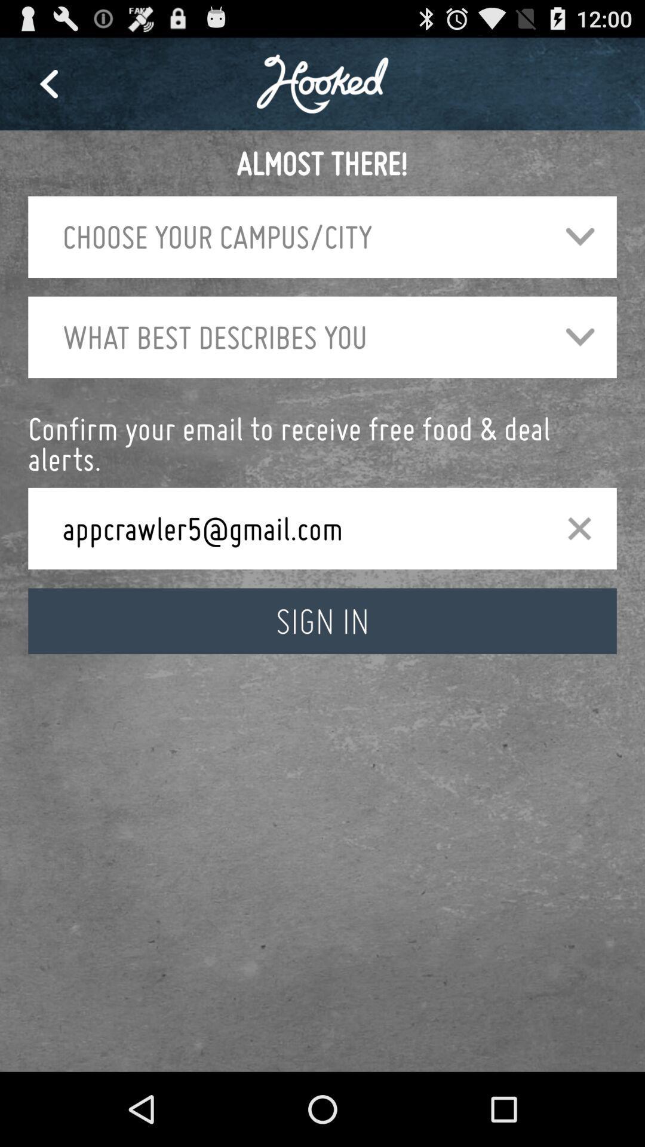  I want to click on item above the sign in, so click(294, 528).